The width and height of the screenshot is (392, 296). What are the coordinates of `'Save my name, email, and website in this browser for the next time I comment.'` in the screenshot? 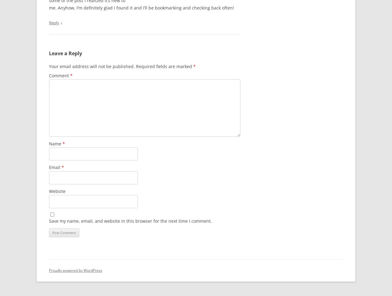 It's located at (130, 221).